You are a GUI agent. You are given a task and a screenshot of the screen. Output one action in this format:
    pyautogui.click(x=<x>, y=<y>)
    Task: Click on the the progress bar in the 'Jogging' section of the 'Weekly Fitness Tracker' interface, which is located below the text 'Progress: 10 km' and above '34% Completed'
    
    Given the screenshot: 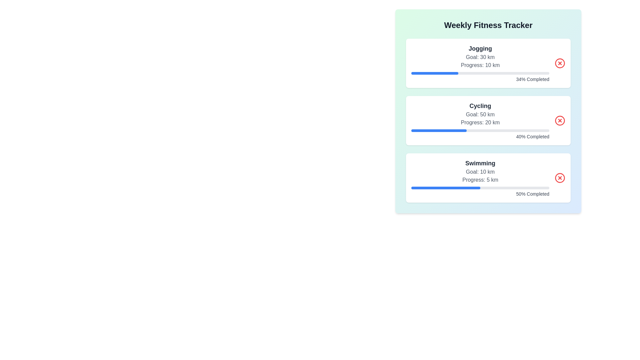 What is the action you would take?
    pyautogui.click(x=480, y=73)
    